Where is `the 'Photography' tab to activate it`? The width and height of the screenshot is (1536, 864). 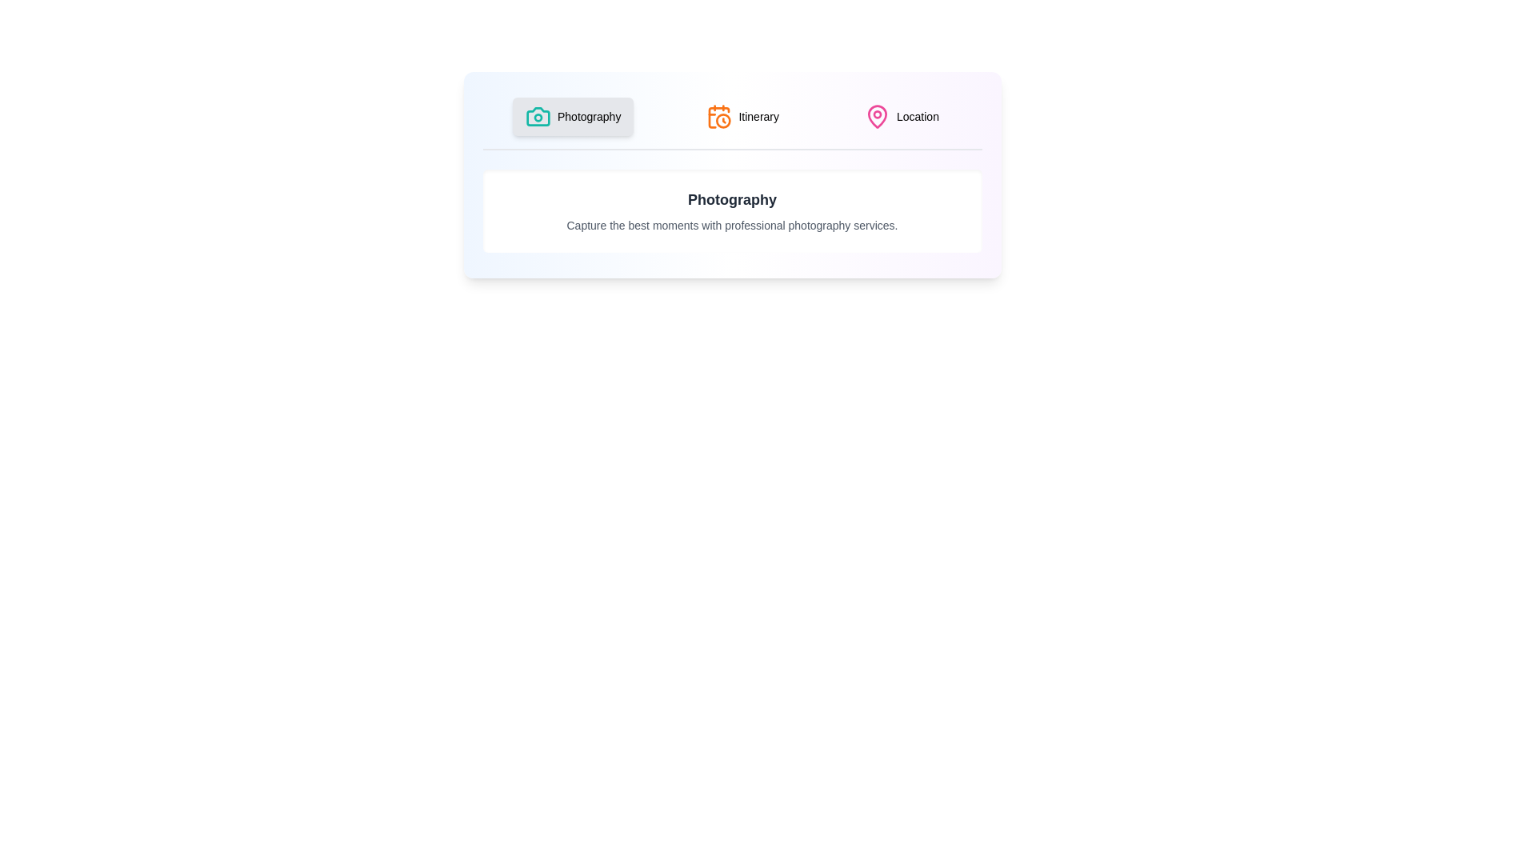 the 'Photography' tab to activate it is located at coordinates (573, 116).